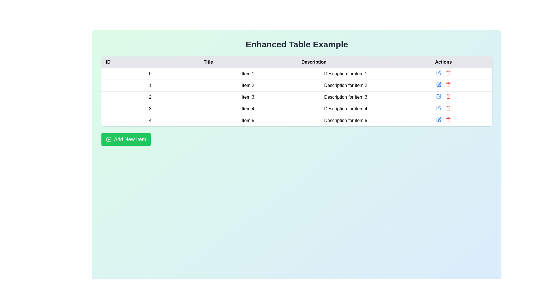 This screenshot has width=547, height=308. Describe the element at coordinates (345, 73) in the screenshot. I see `the static text field in the third column of the table that displays a description for 'Item 1', which is located in the first data row` at that location.